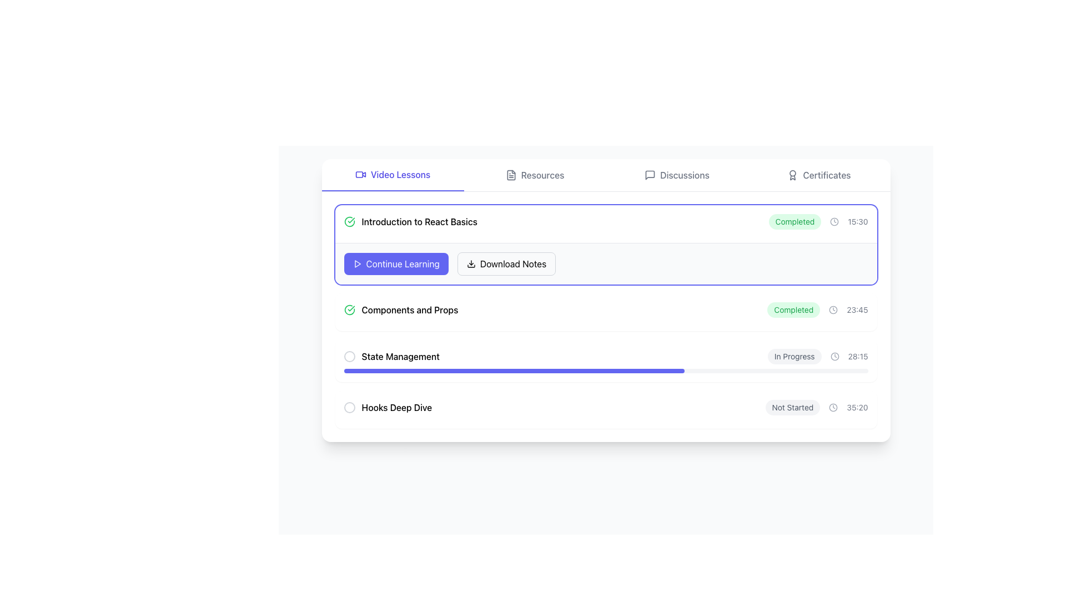 This screenshot has width=1066, height=599. I want to click on the clock icon located at the end of the row with status label 'Completed' and time '15:30', so click(834, 222).